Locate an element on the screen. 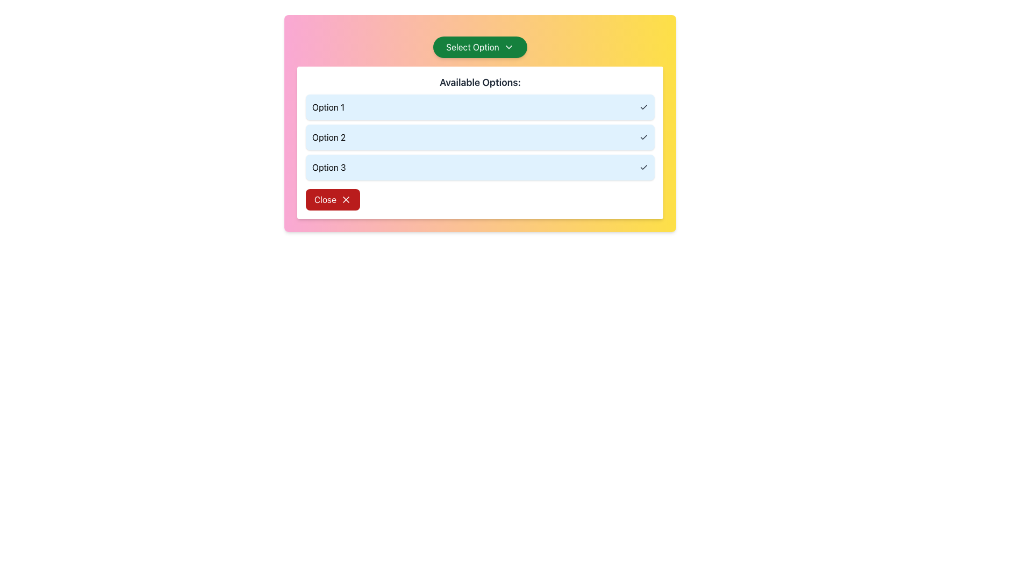 The height and width of the screenshot is (580, 1032). the state of the check mark icon that indicates 'Option 2' is selected, located to the far right of the text 'Option 2' is located at coordinates (644, 136).